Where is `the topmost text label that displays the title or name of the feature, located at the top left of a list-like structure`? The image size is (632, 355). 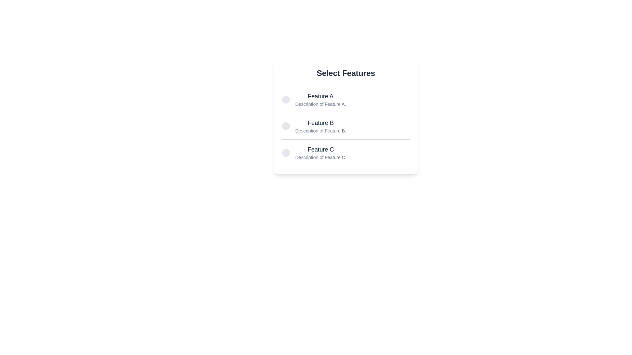 the topmost text label that displays the title or name of the feature, located at the top left of a list-like structure is located at coordinates (321, 96).